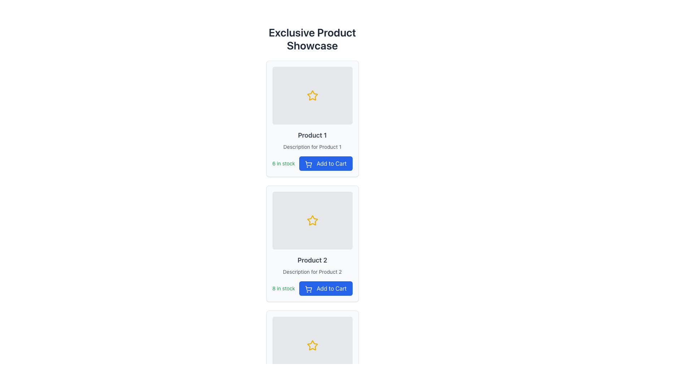 This screenshot has height=390, width=693. What do you see at coordinates (312, 95) in the screenshot?
I see `the star-shaped icon located in the middle section of the page within the first product card under 'Exclusive Product Showcase.'` at bounding box center [312, 95].